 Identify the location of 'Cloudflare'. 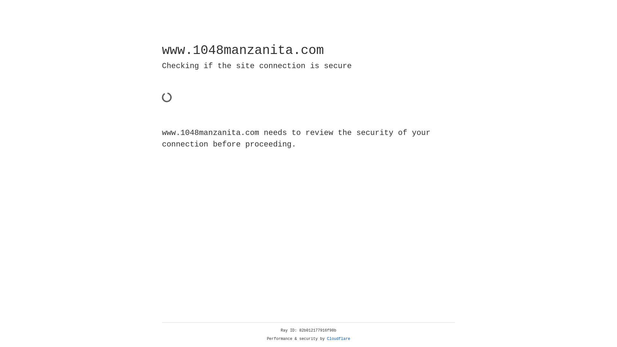
(327, 339).